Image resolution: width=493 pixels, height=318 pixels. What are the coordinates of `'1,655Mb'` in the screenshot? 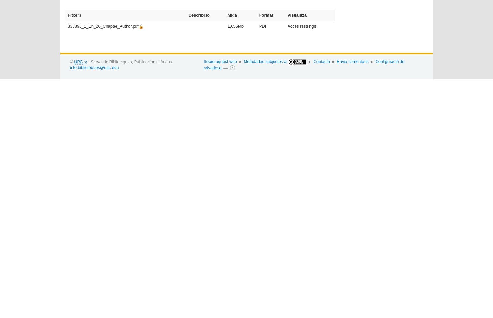 It's located at (227, 26).